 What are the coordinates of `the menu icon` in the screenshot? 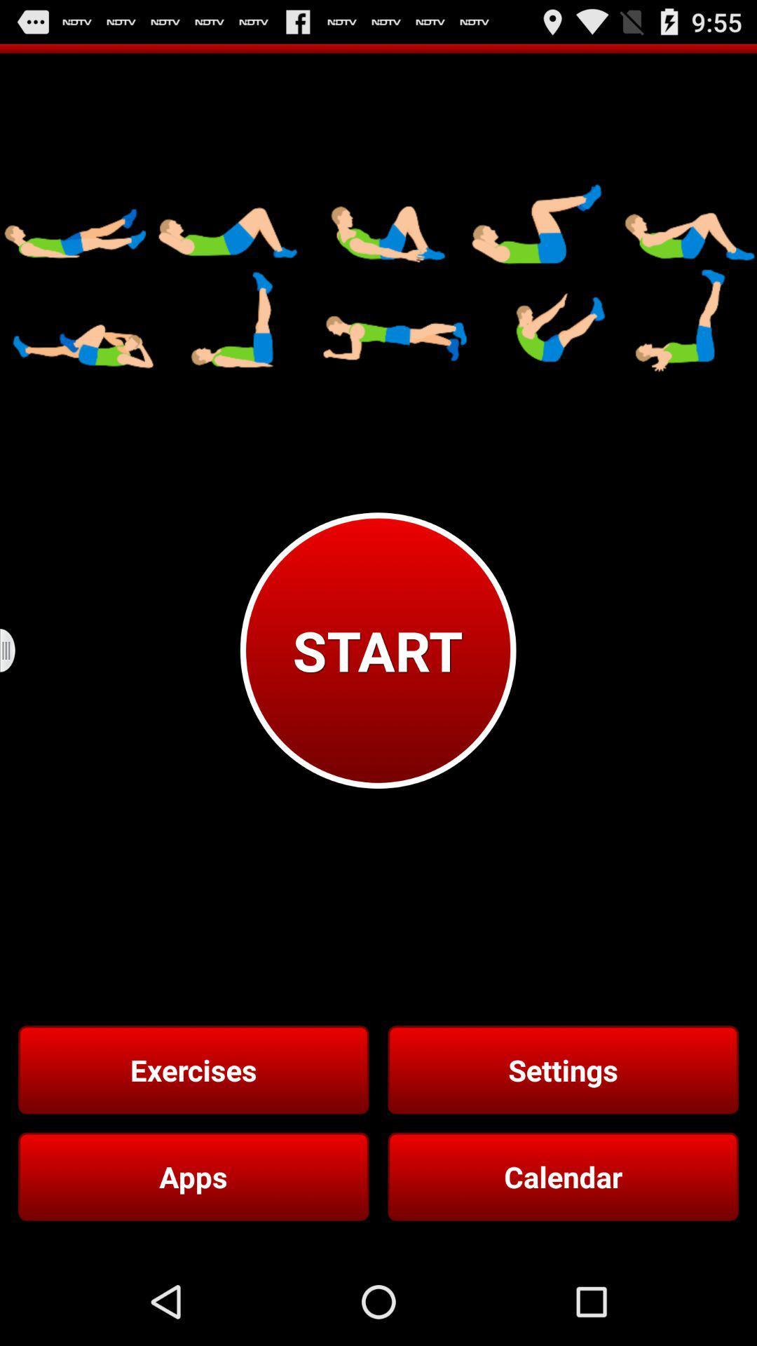 It's located at (16, 696).